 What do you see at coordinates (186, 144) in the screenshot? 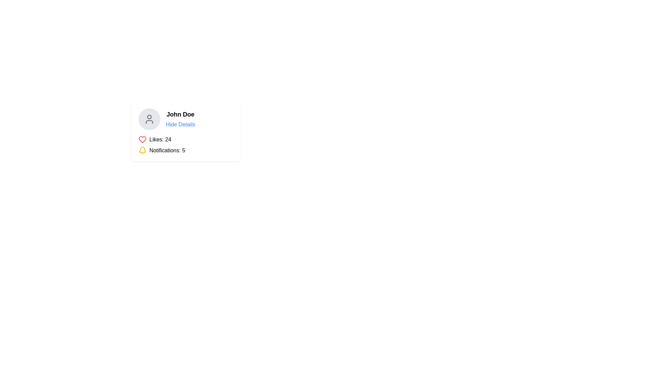
I see `displayed metrics on the Composite informational display located at the bottom center of the profile information card, which shows the number of likes and notifications` at bounding box center [186, 144].